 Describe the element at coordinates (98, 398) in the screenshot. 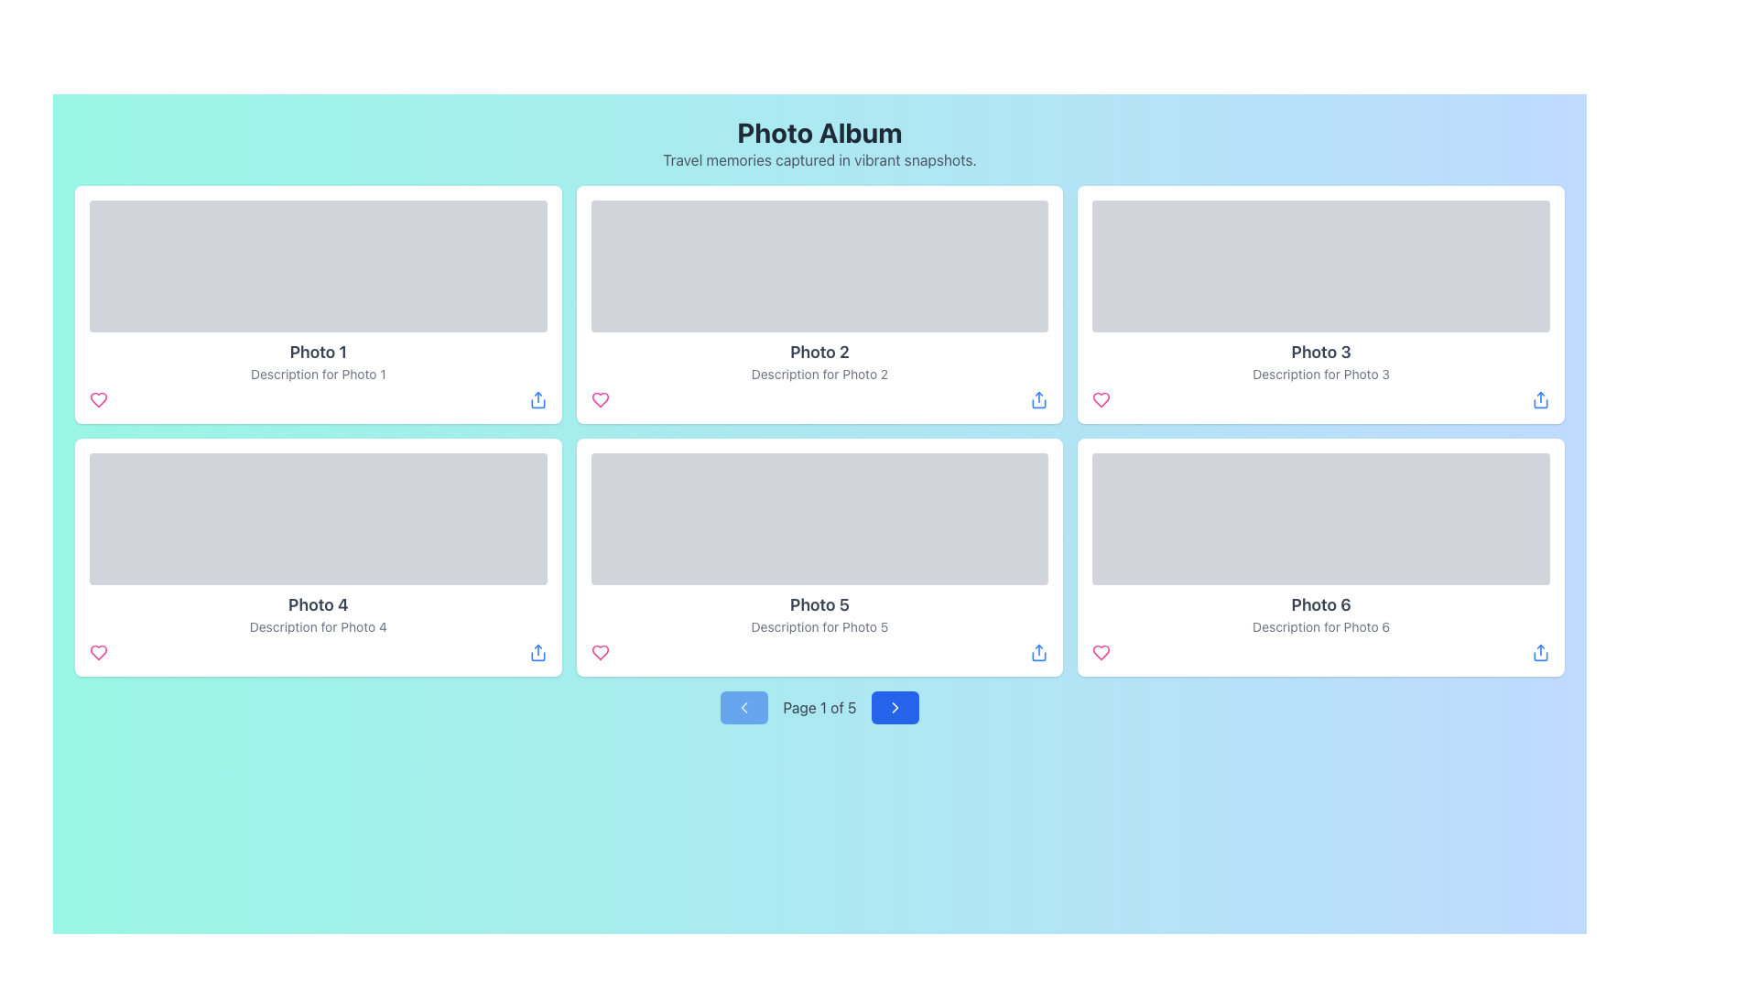

I see `the 'like' icon button located in the bottom bar of the first card in the 'Photo Album' grid layout, representing 'Photo 1', to change its color` at that location.